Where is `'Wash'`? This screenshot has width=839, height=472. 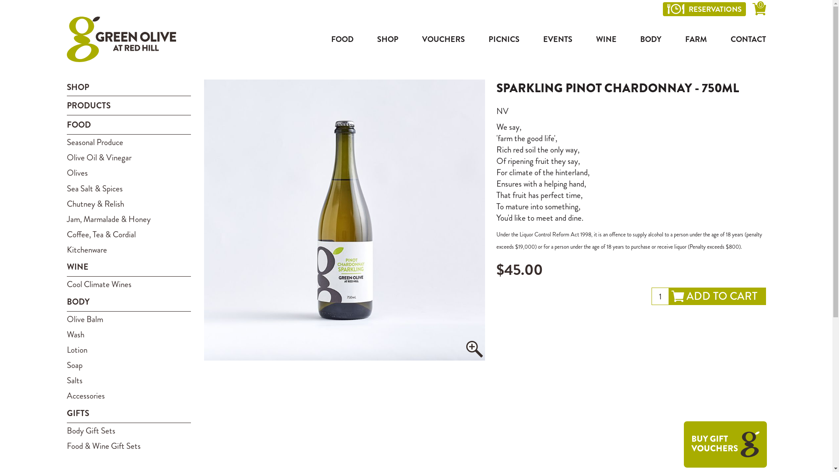 'Wash' is located at coordinates (128, 334).